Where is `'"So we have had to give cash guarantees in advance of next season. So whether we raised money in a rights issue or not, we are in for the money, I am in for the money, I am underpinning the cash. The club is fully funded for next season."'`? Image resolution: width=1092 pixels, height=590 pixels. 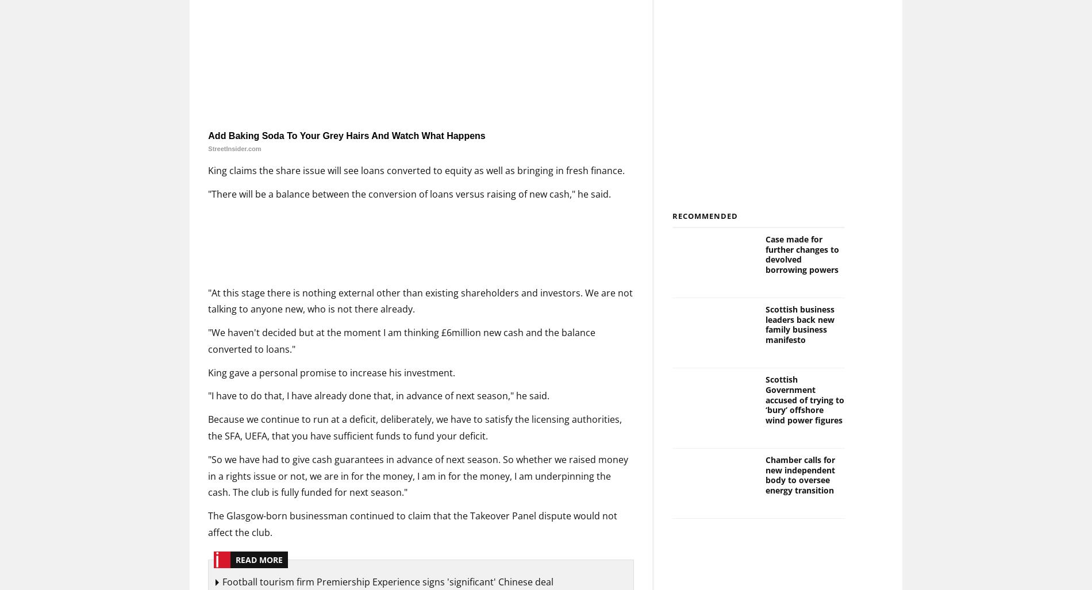 '"So we have had to give cash guarantees in advance of next season. So whether we raised money in a rights issue or not, we are in for the money, I am in for the money, I am underpinning the cash. The club is fully funded for next season."' is located at coordinates (417, 475).